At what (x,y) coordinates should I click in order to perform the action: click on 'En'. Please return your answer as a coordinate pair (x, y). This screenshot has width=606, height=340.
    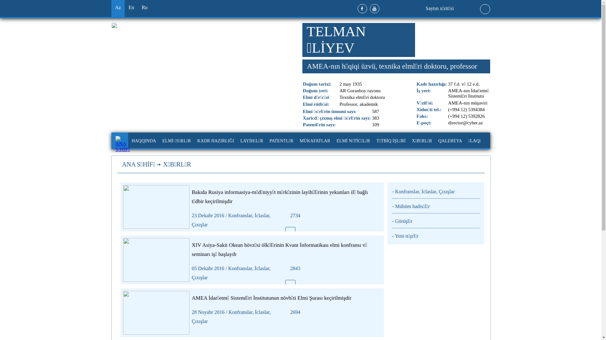
    Looking at the image, I should click on (131, 8).